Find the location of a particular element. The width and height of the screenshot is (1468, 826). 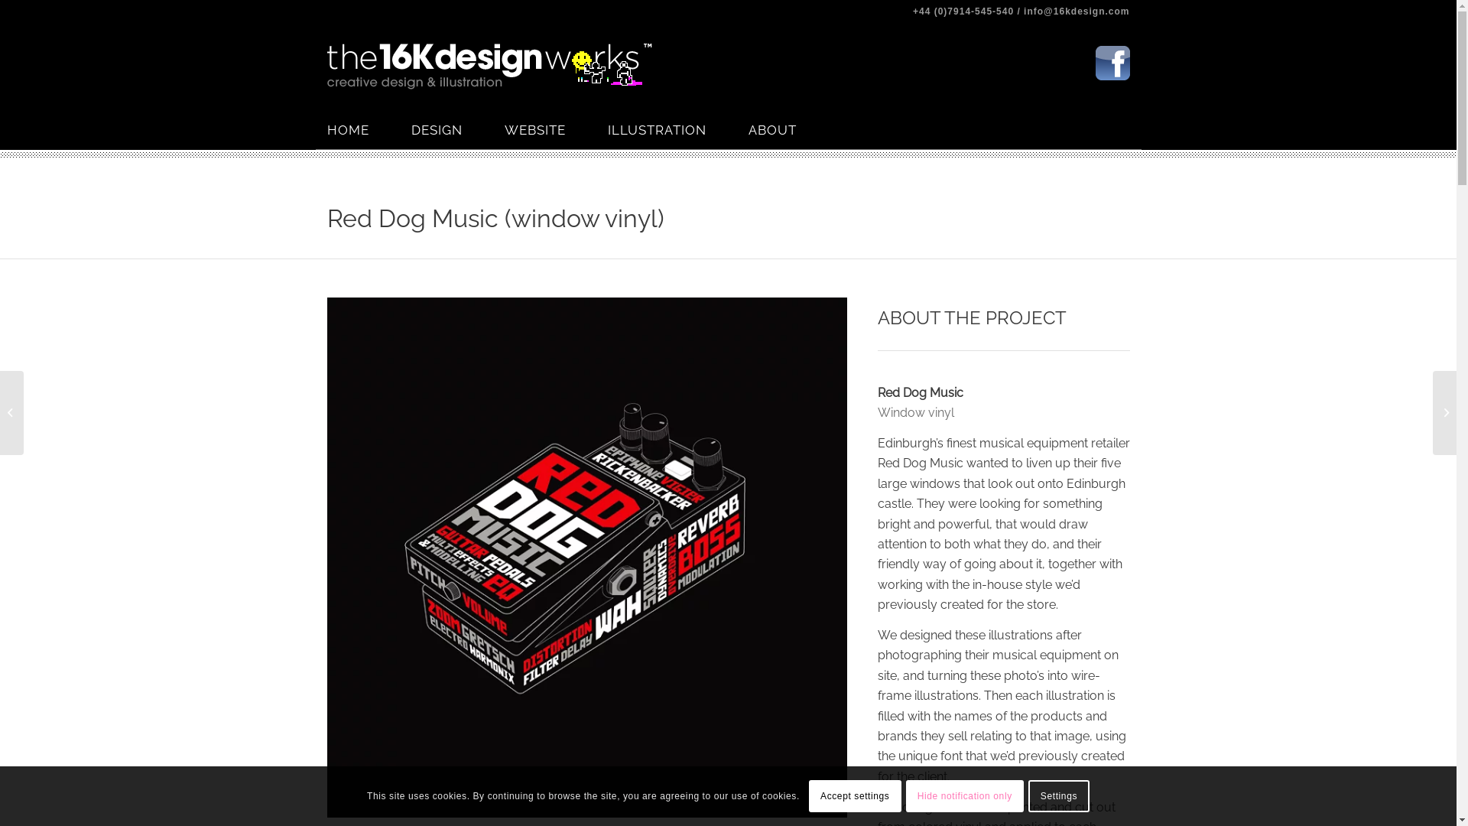

'Hide notification only' is located at coordinates (964, 795).